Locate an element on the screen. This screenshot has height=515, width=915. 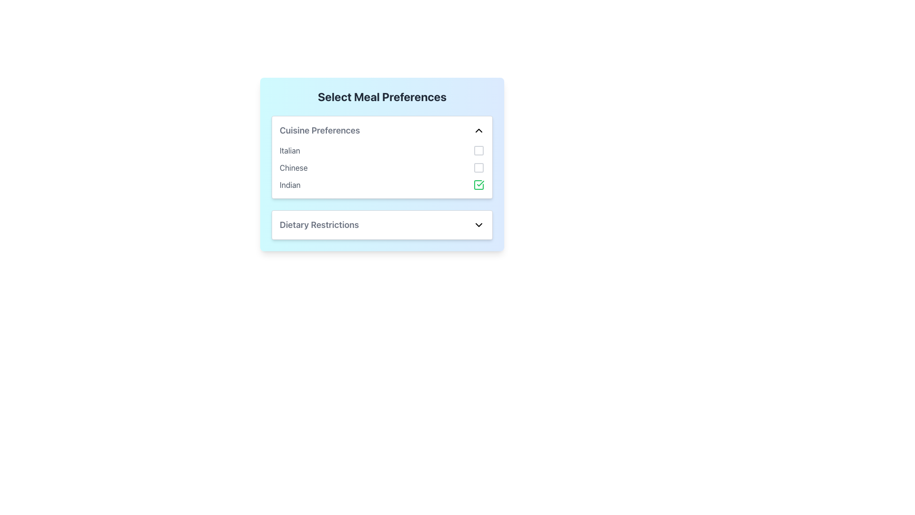
the 'Select Meal Preferences' component is located at coordinates (382, 164).